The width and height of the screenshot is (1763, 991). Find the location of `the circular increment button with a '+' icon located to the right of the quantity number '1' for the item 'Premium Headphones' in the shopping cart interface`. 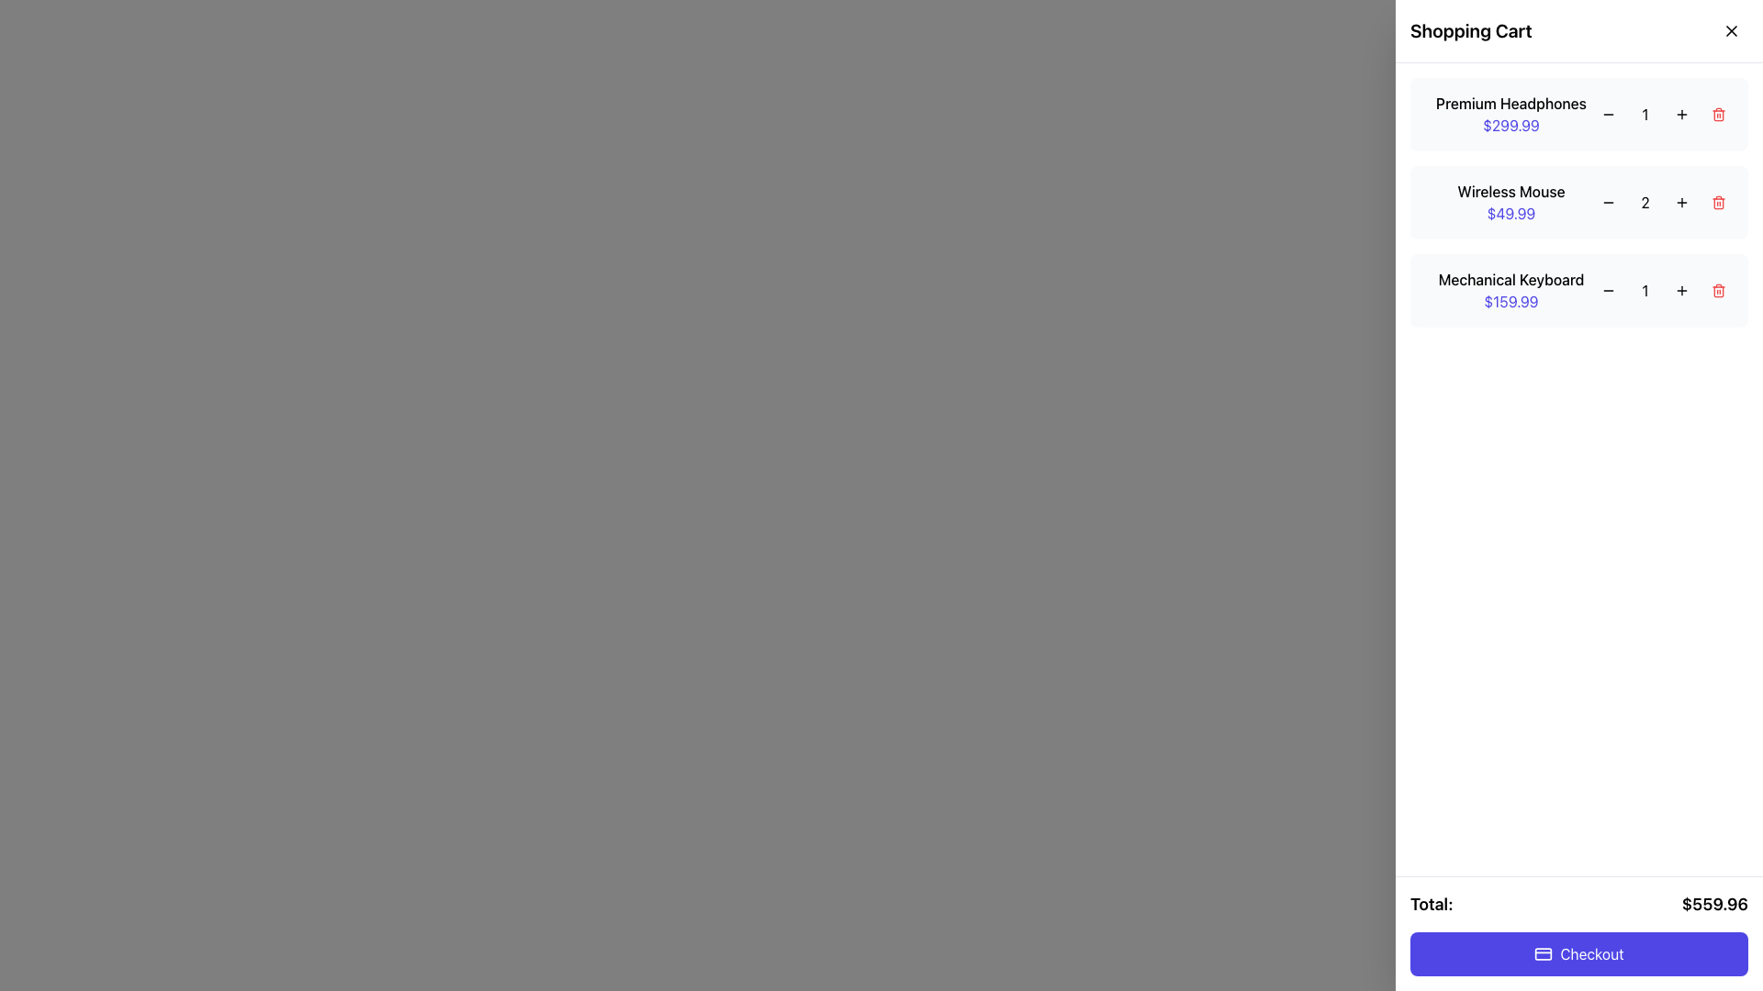

the circular increment button with a '+' icon located to the right of the quantity number '1' for the item 'Premium Headphones' in the shopping cart interface is located at coordinates (1682, 114).